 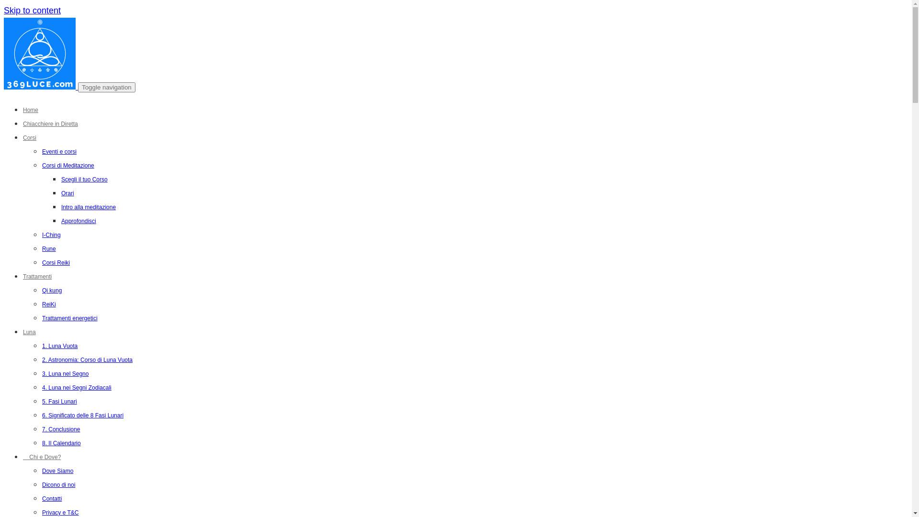 I want to click on 'Corsi di Meditazione', so click(x=67, y=165).